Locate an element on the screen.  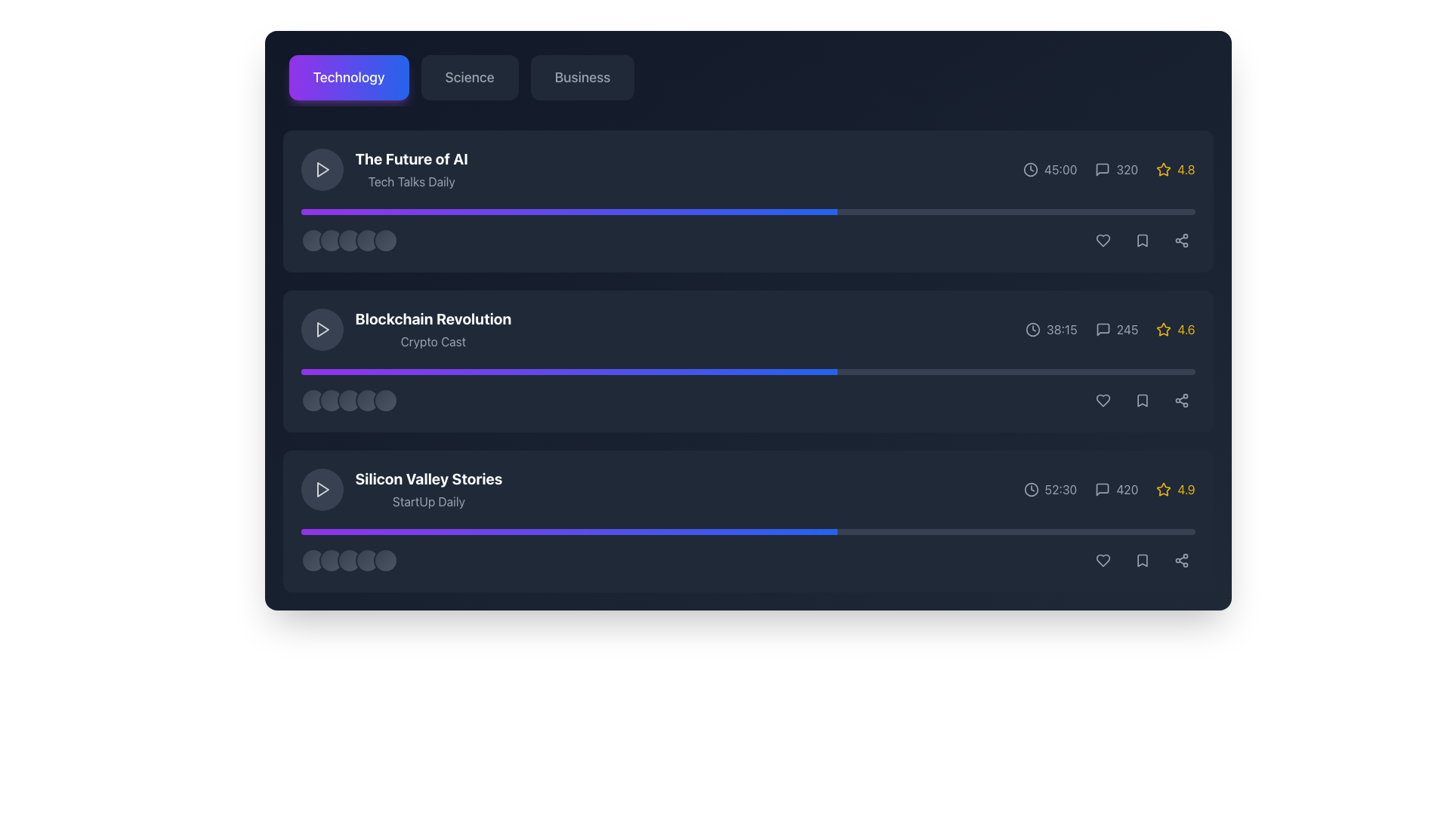
value from the text label displaying the rating score for the 'Silicon Valley Stories' section located at the bottom right of the interface is located at coordinates (1185, 489).